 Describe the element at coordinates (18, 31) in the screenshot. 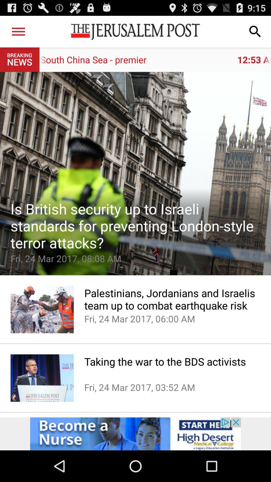

I see `the app to the left of the 12 53 am icon` at that location.